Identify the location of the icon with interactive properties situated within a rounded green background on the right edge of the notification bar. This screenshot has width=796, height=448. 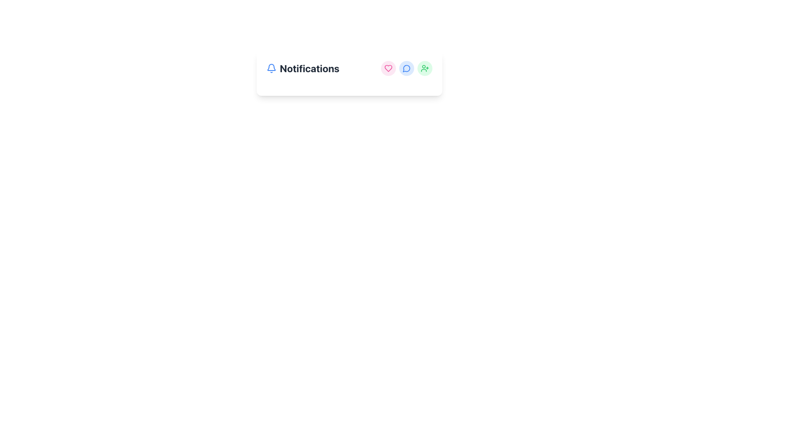
(425, 68).